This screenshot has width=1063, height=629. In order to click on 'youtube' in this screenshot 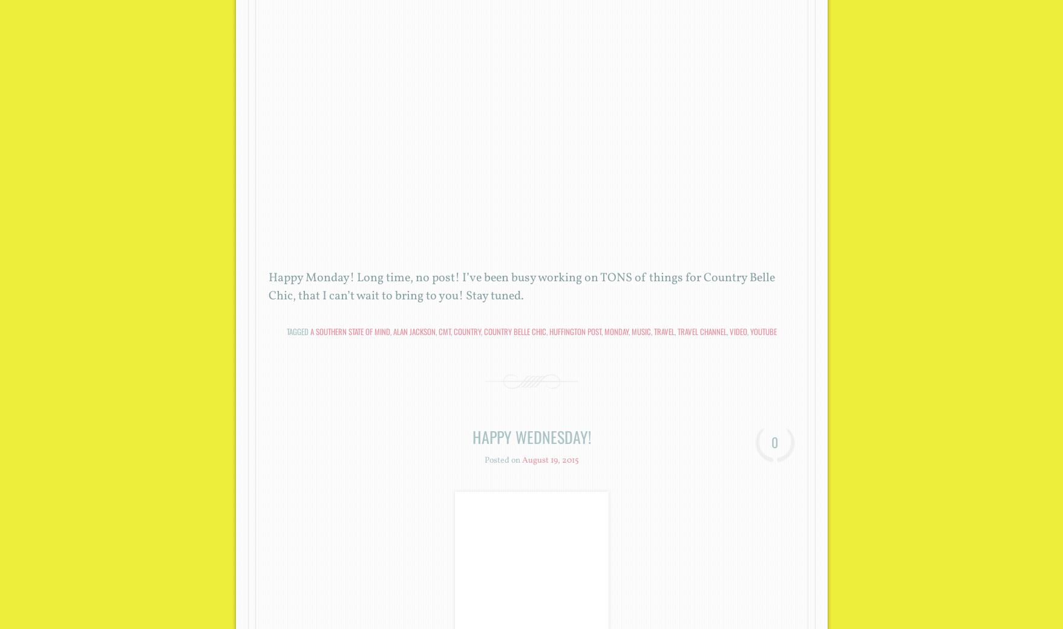, I will do `click(762, 330)`.